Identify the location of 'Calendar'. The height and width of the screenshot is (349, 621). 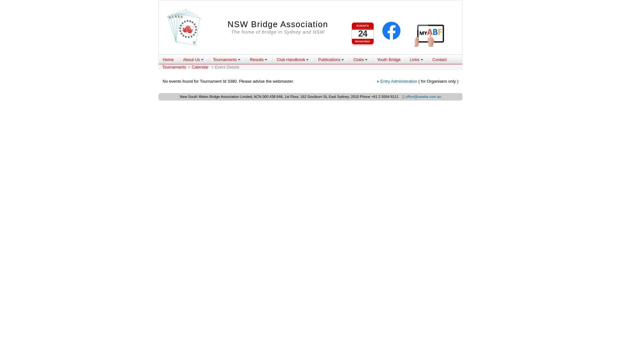
(190, 67).